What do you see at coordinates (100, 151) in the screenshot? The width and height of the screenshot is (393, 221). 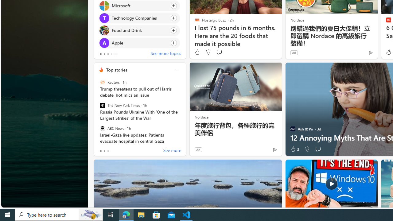 I see `'tab-0'` at bounding box center [100, 151].